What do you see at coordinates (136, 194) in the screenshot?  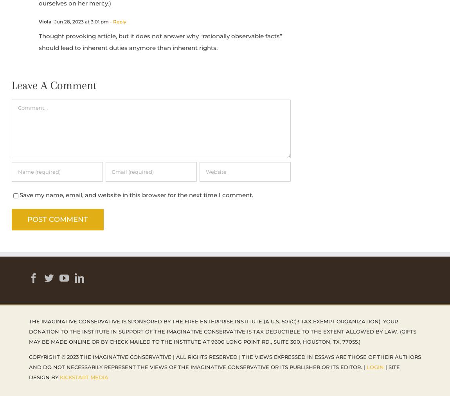 I see `'Save my name, email, and website in this browser for the next time I comment.'` at bounding box center [136, 194].